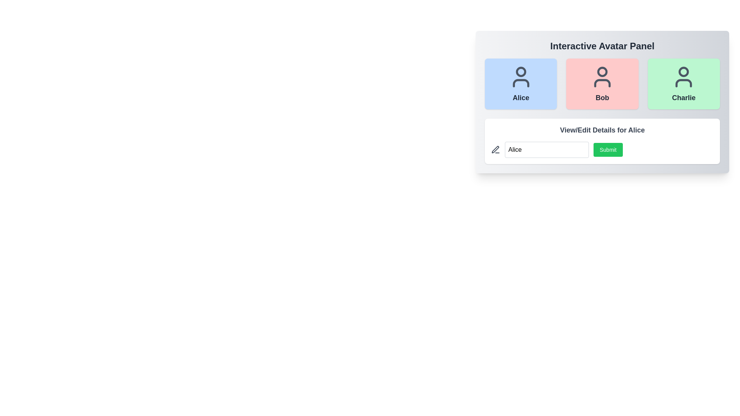 The height and width of the screenshot is (416, 740). I want to click on the avatar selection panel located centrally beneath the title 'Interactive Avatar Panel' and above the input section, so click(602, 102).